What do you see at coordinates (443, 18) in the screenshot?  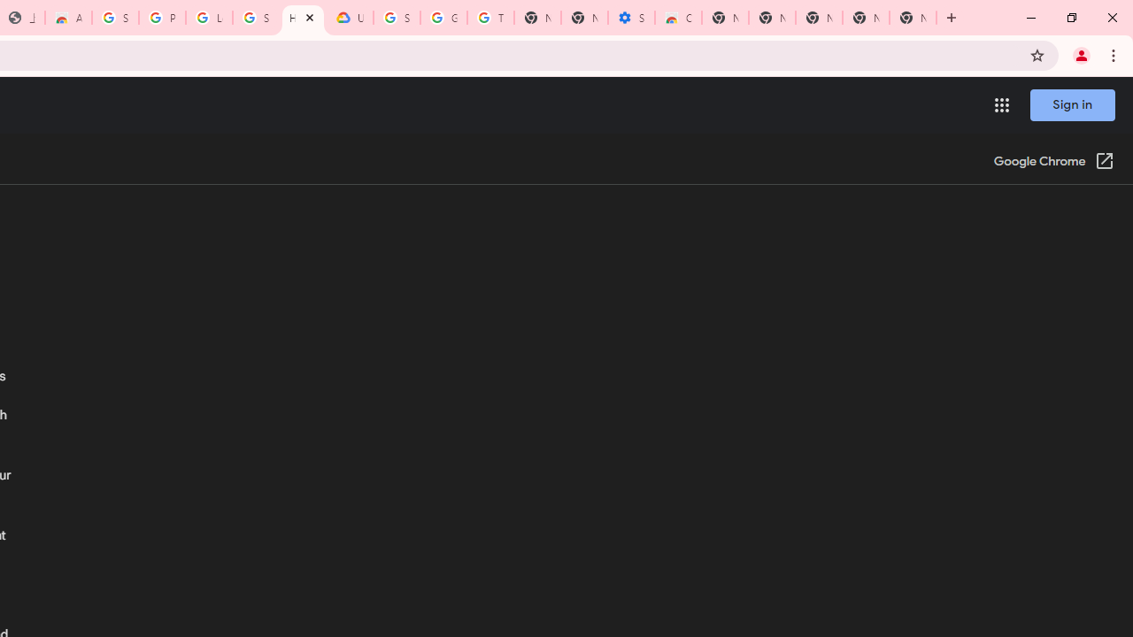 I see `'Google Account Help'` at bounding box center [443, 18].